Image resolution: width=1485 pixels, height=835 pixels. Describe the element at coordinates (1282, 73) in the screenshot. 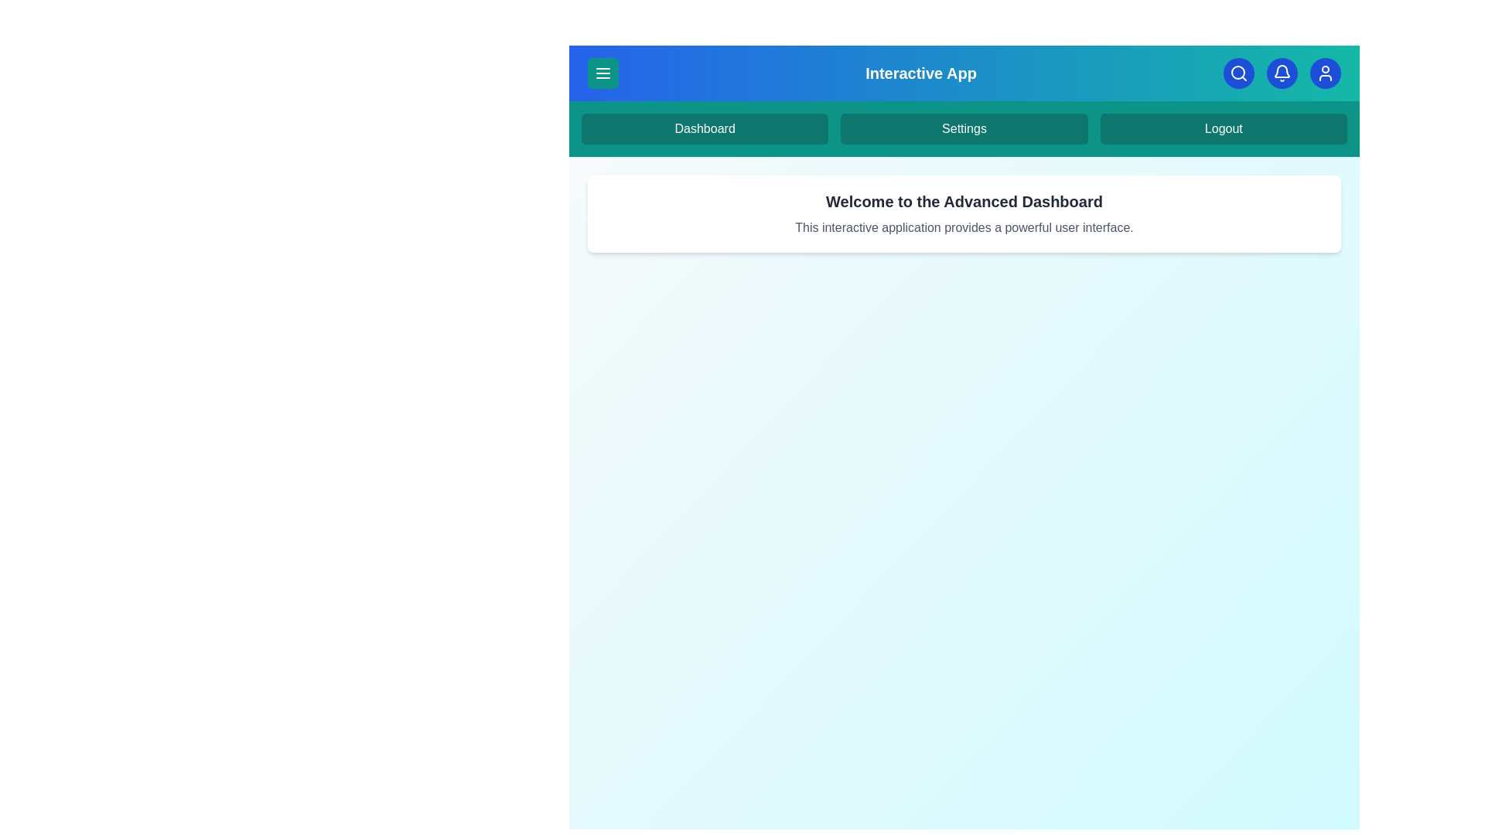

I see `the 'Notifications' button in the header` at that location.